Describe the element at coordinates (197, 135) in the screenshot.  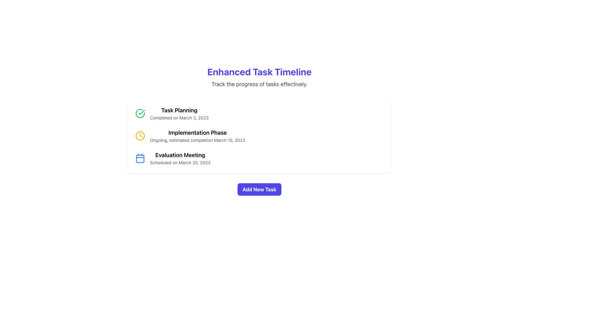
I see `status information text block indicating the ongoing 'Implementation Phase' of the project, positioned between a yellow clock icon and white space` at that location.